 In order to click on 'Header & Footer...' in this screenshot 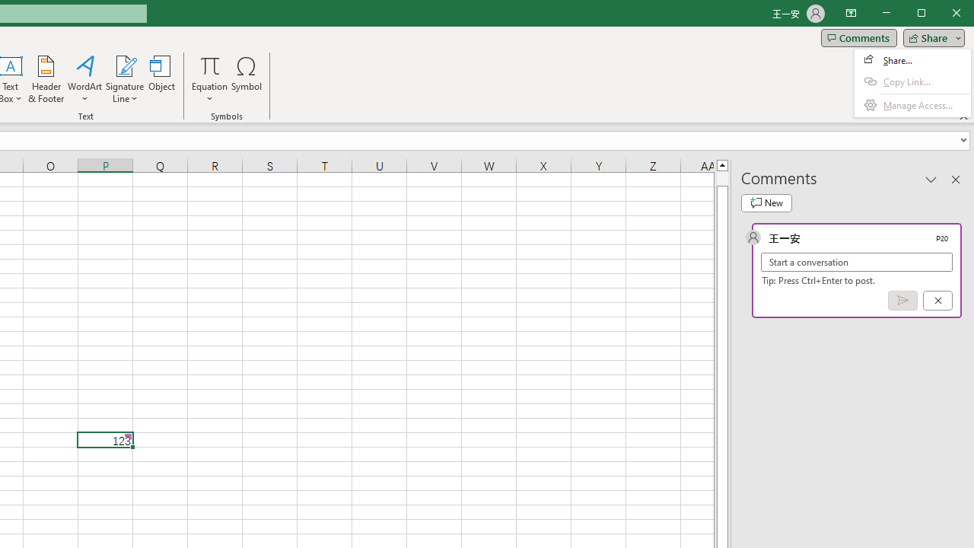, I will do `click(46, 79)`.